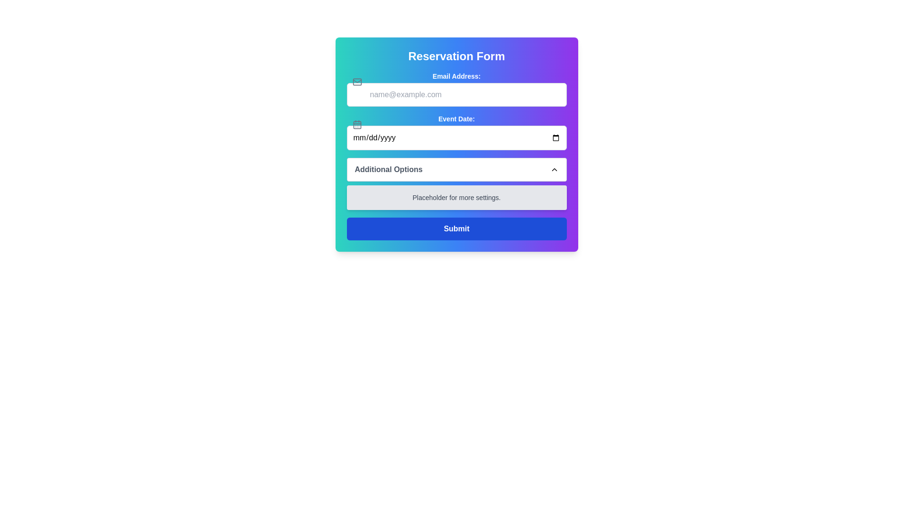  I want to click on the 'Submit' button with a blue background, so click(456, 229).